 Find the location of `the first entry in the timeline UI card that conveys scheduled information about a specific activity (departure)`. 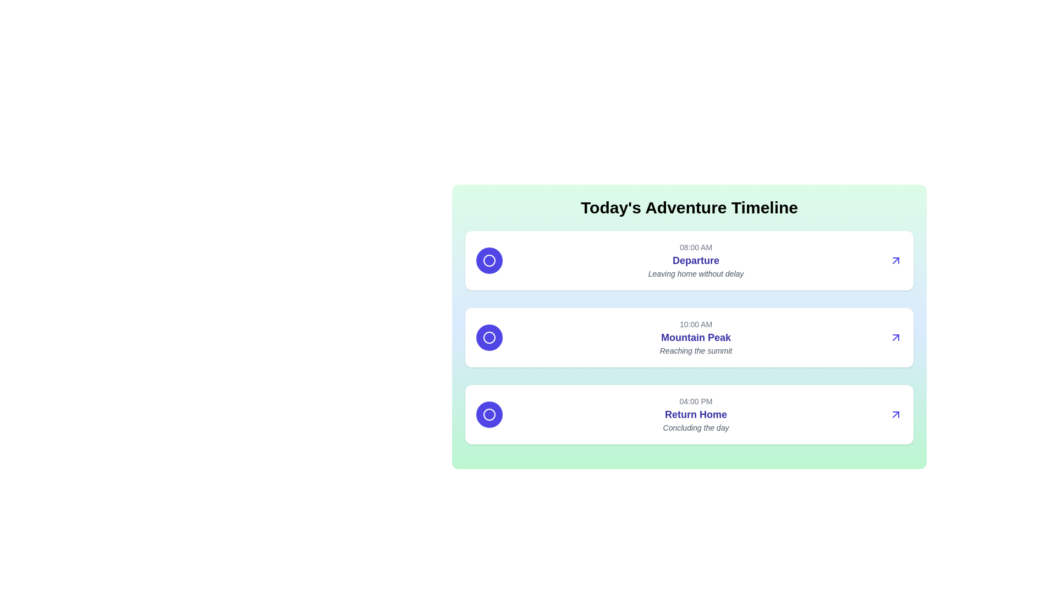

the first entry in the timeline UI card that conveys scheduled information about a specific activity (departure) is located at coordinates (695, 261).